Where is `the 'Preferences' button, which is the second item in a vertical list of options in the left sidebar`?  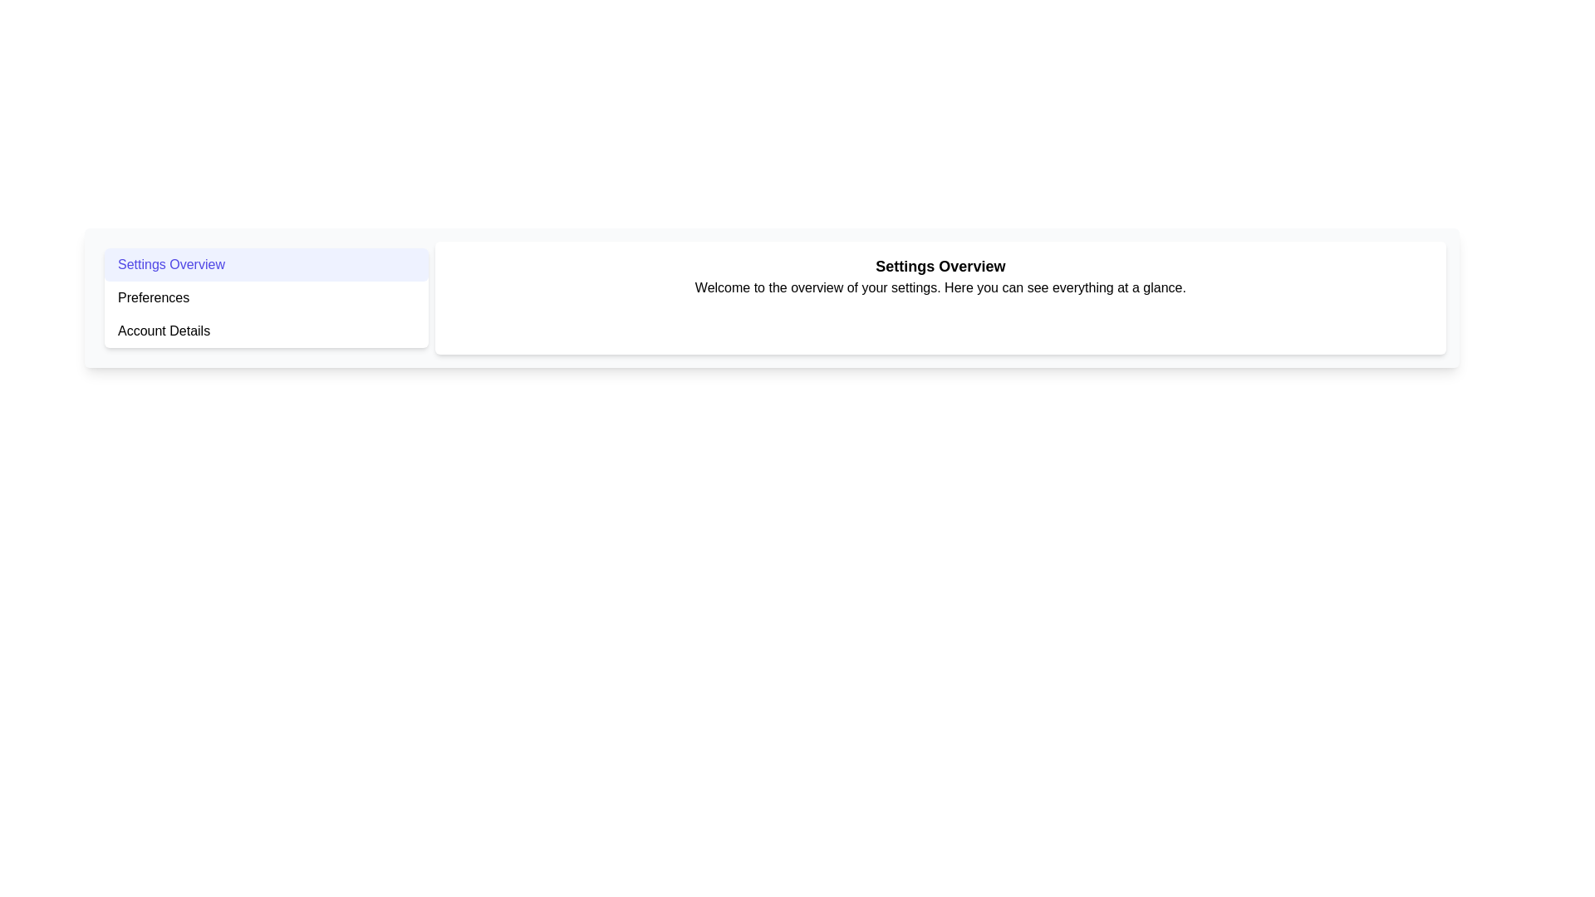
the 'Preferences' button, which is the second item in a vertical list of options in the left sidebar is located at coordinates (266, 297).